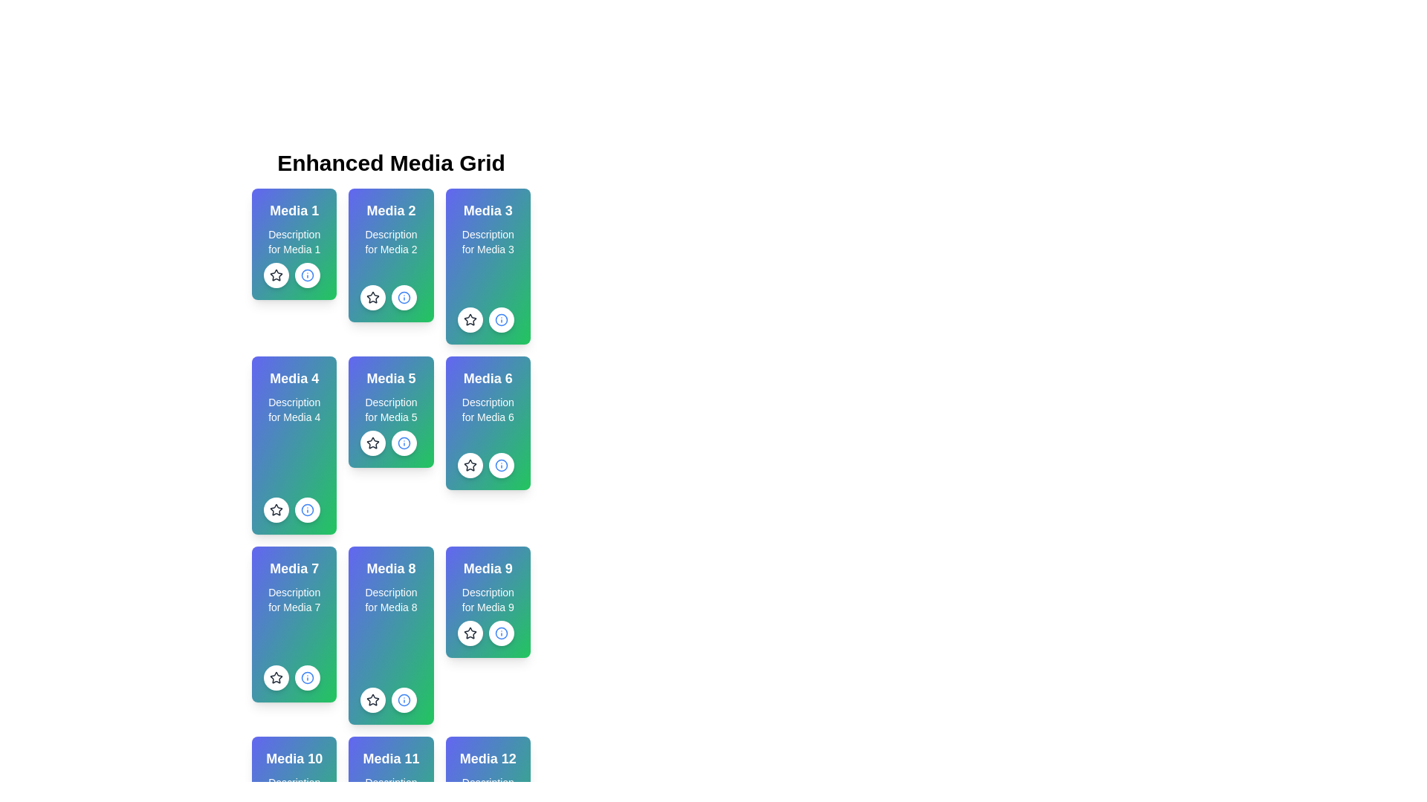 The height and width of the screenshot is (802, 1427). What do you see at coordinates (404, 700) in the screenshot?
I see `the information button located in the bottom-right corner of the 'Media 8' card` at bounding box center [404, 700].